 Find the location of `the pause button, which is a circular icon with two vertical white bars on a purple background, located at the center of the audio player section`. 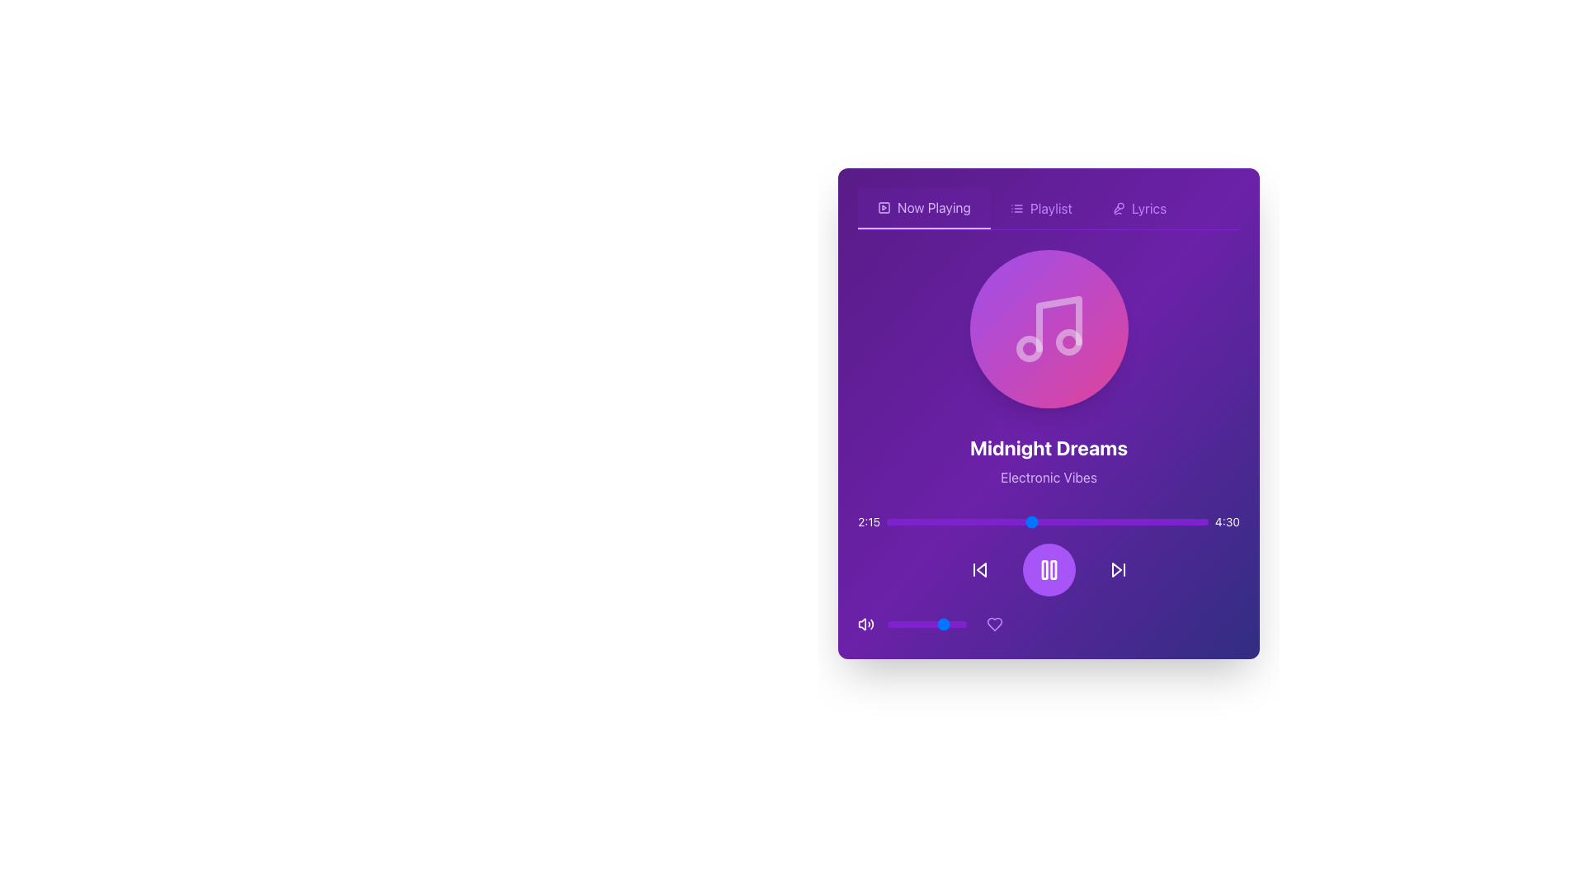

the pause button, which is a circular icon with two vertical white bars on a purple background, located at the center of the audio player section is located at coordinates (1048, 568).